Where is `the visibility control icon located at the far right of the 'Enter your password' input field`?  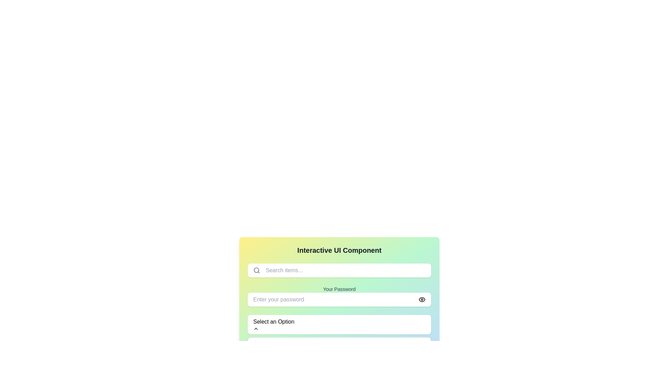
the visibility control icon located at the far right of the 'Enter your password' input field is located at coordinates (421, 299).